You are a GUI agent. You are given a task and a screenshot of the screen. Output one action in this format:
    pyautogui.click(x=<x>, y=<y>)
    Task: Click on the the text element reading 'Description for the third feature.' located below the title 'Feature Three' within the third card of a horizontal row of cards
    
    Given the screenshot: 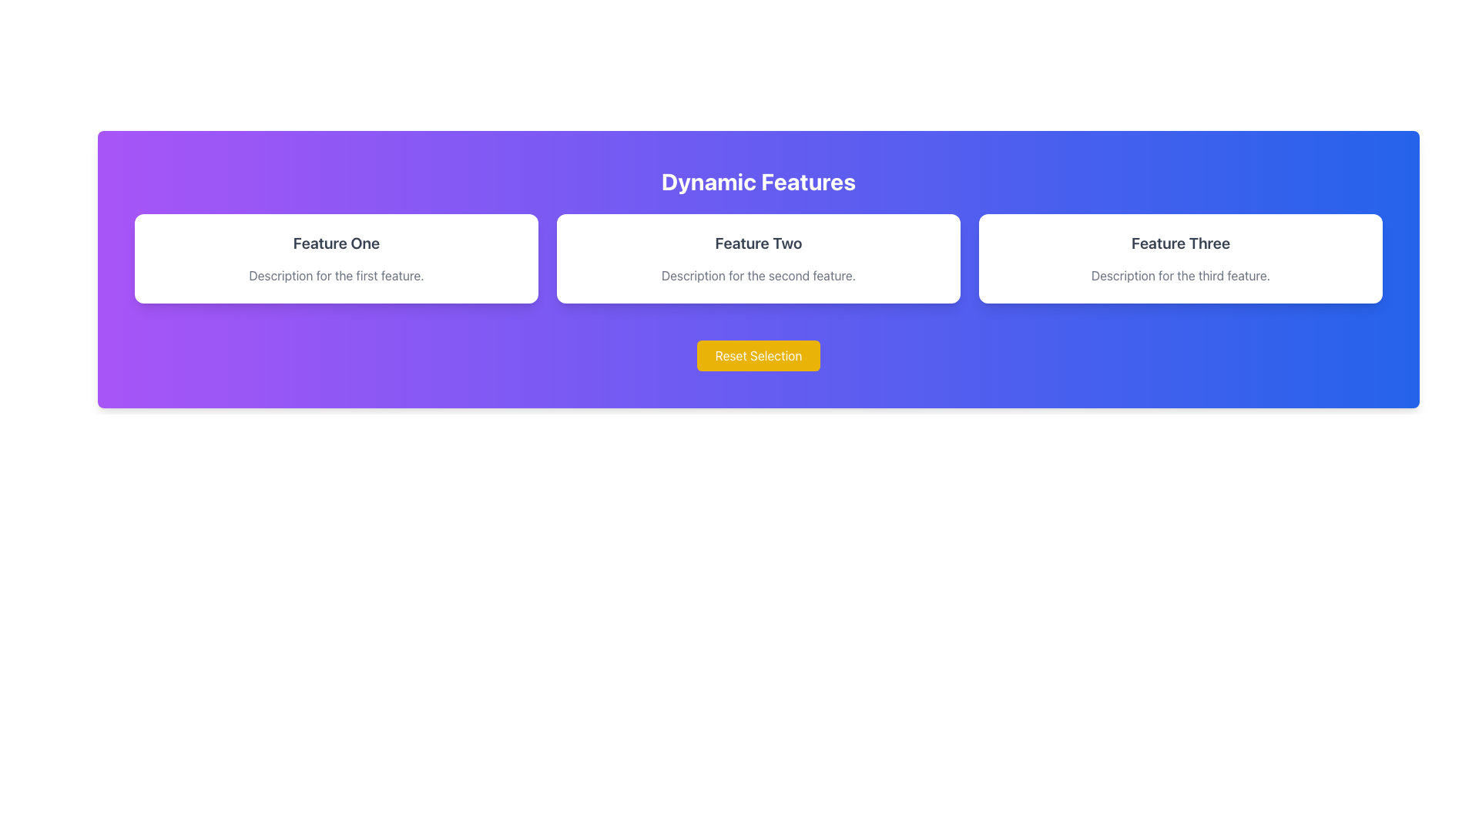 What is the action you would take?
    pyautogui.click(x=1179, y=275)
    